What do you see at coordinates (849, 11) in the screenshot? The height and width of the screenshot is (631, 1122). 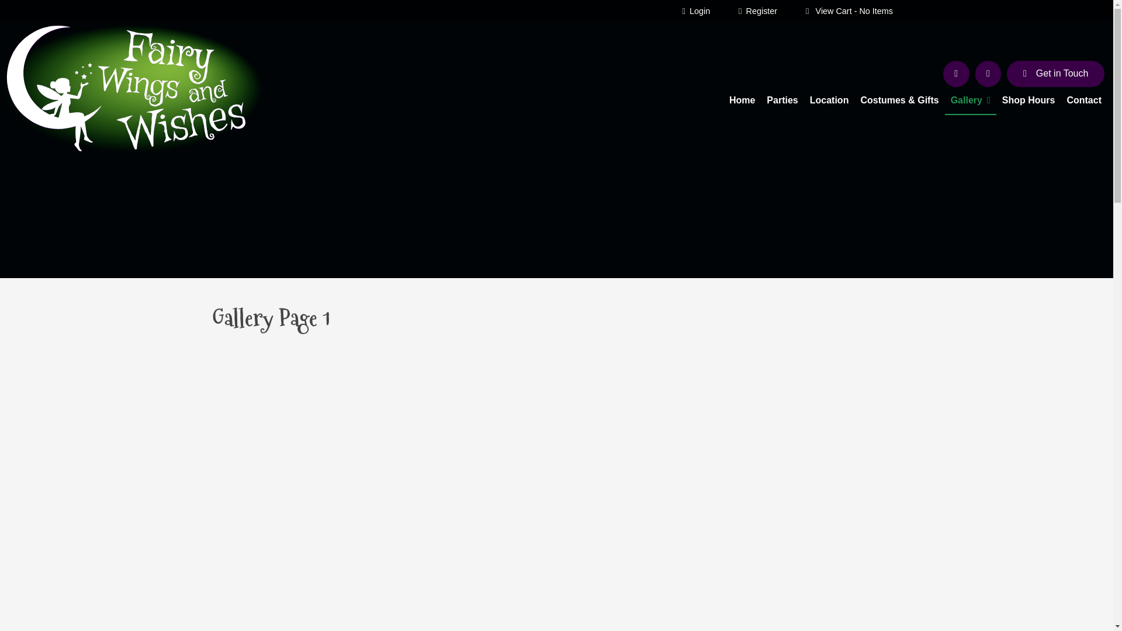 I see `'View Cart - No Items'` at bounding box center [849, 11].